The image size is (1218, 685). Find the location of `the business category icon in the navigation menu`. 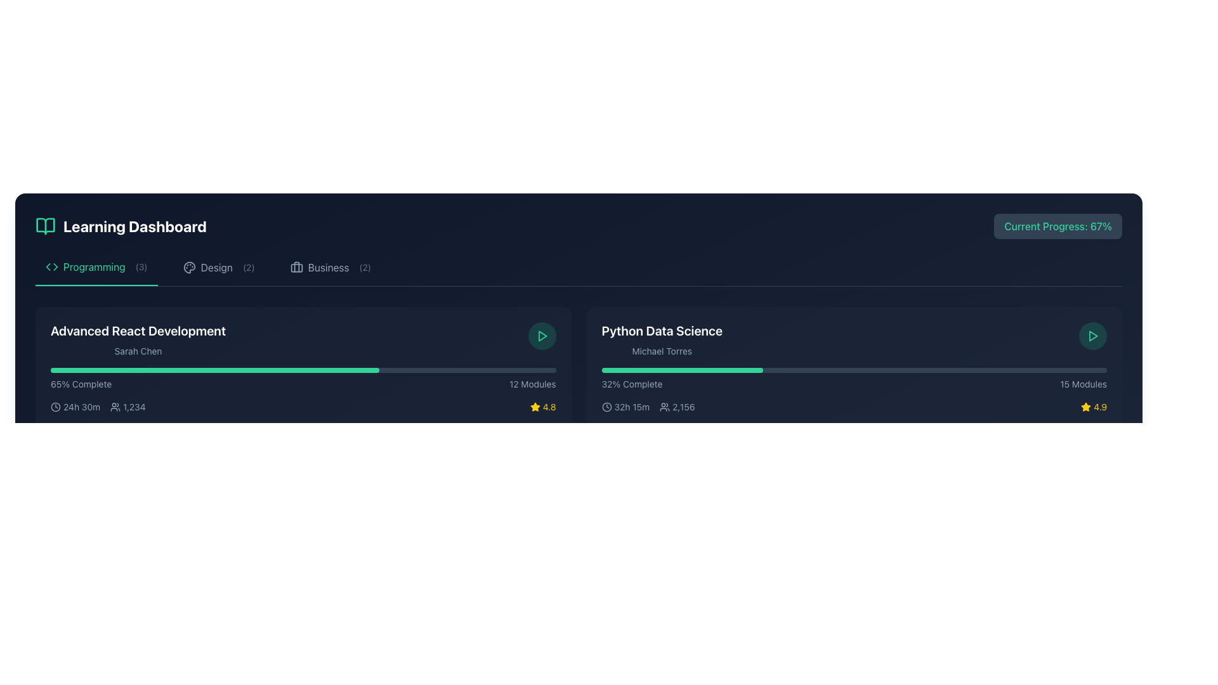

the business category icon in the navigation menu is located at coordinates (296, 266).